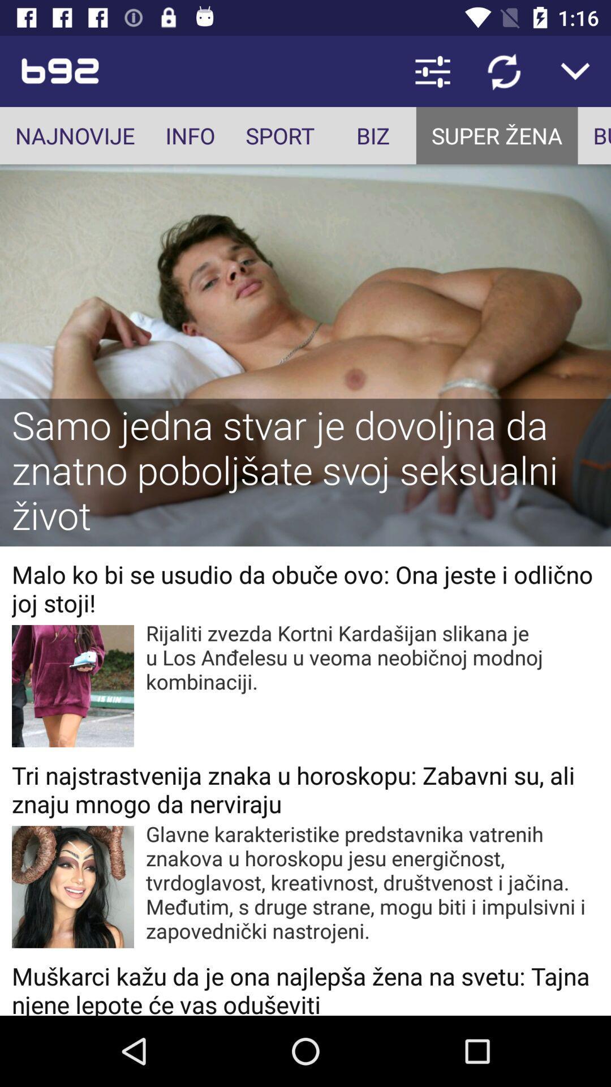 This screenshot has width=611, height=1087. Describe the element at coordinates (305, 472) in the screenshot. I see `app below najnovije app` at that location.